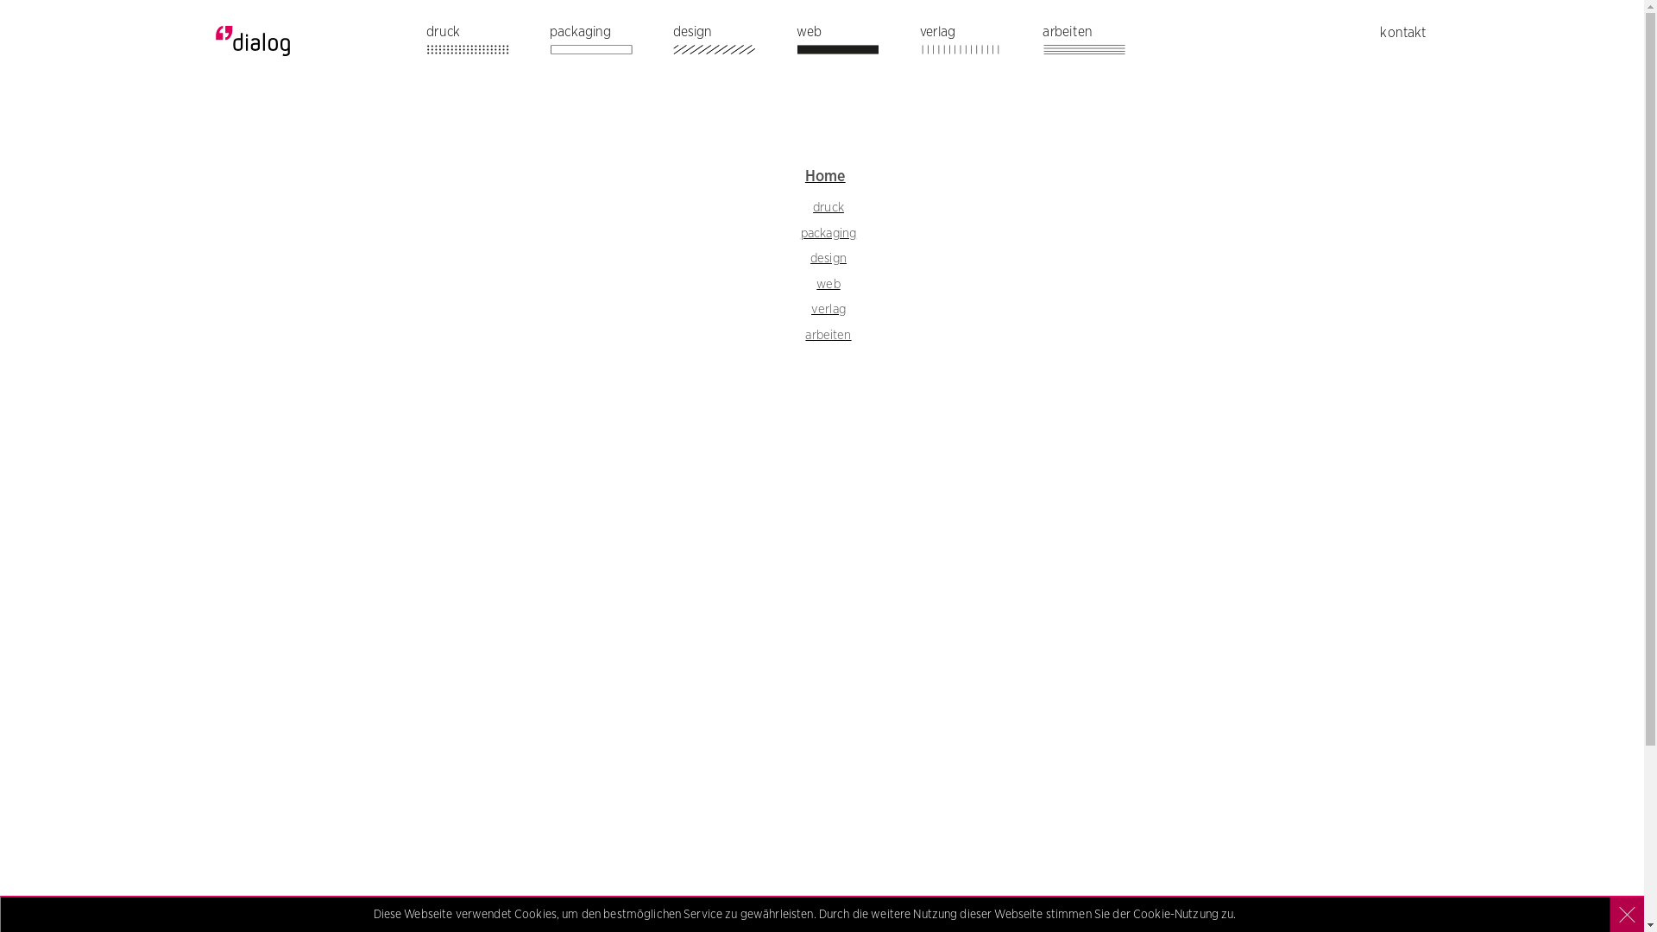 The image size is (1657, 932). I want to click on 'Home', so click(824, 176).